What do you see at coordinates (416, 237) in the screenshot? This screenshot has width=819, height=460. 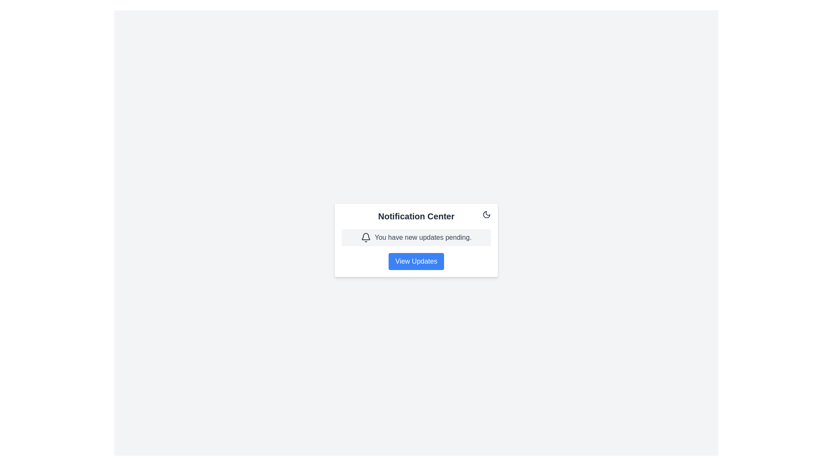 I see `the Informational message that contains the notification text 'You have new updates pending,' which is styled with a gray background and a bell icon` at bounding box center [416, 237].